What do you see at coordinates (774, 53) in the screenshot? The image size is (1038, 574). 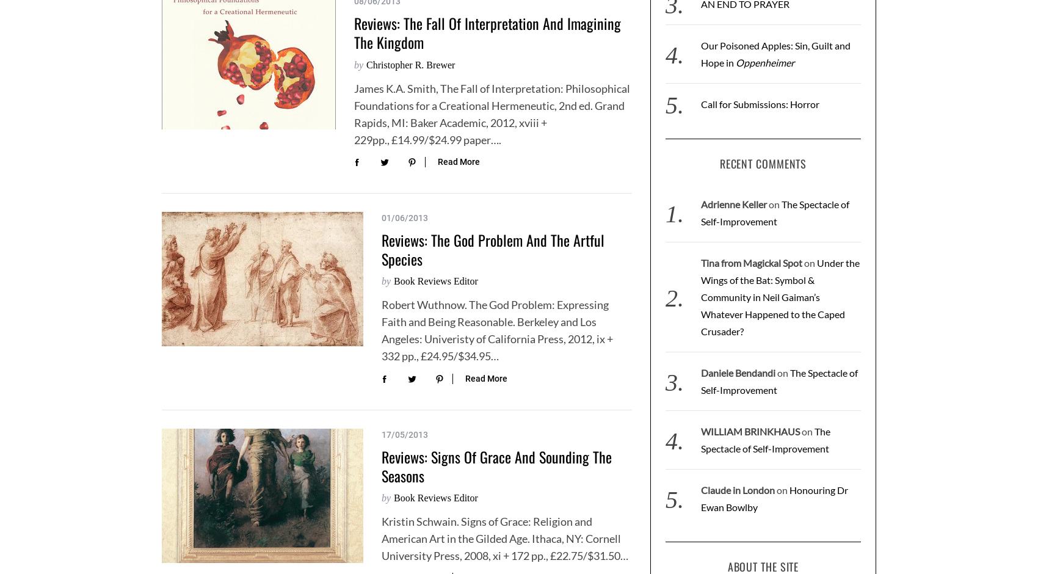 I see `'Our Poisoned Apples: Sin, Guilt and Hope in'` at bounding box center [774, 53].